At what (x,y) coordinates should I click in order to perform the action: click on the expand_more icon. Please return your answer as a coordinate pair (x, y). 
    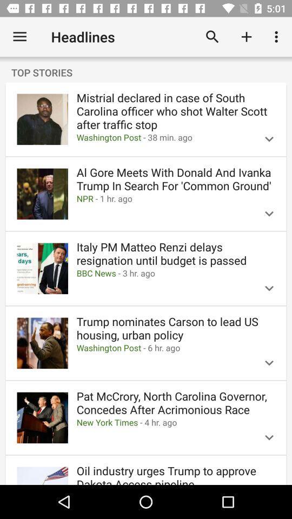
    Looking at the image, I should click on (268, 213).